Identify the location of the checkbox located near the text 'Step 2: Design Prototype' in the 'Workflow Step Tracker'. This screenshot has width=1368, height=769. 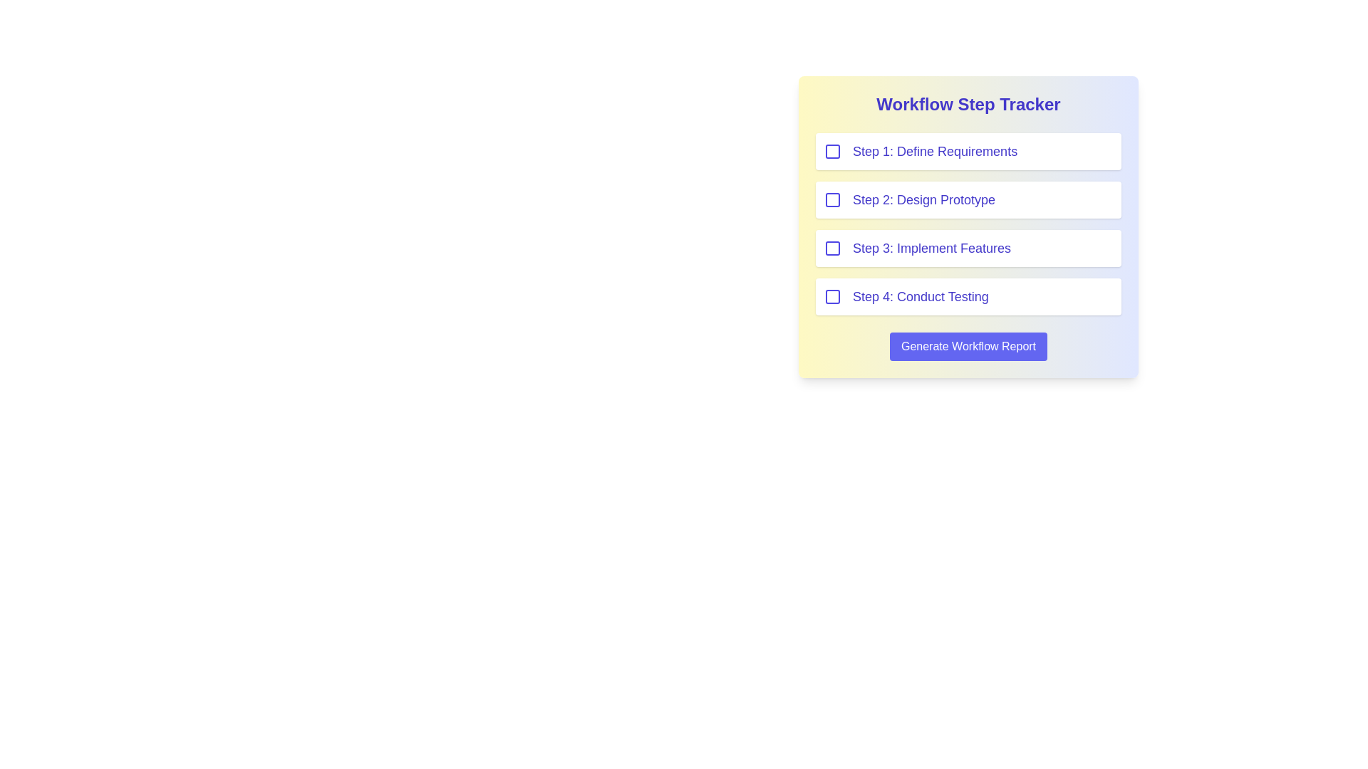
(833, 200).